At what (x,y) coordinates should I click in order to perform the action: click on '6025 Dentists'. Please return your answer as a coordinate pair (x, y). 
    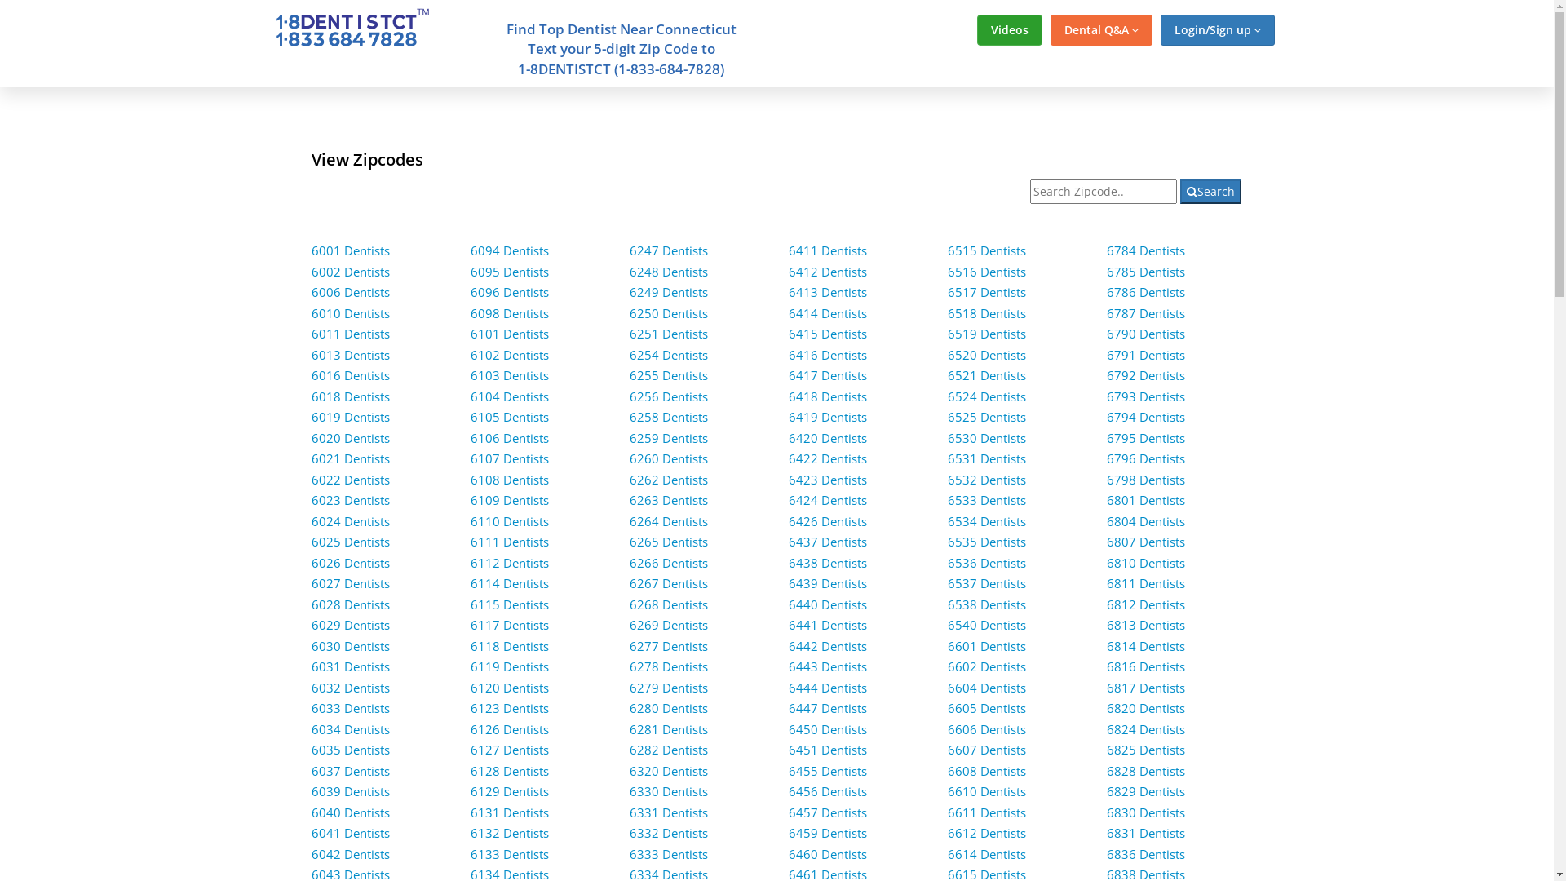
    Looking at the image, I should click on (350, 541).